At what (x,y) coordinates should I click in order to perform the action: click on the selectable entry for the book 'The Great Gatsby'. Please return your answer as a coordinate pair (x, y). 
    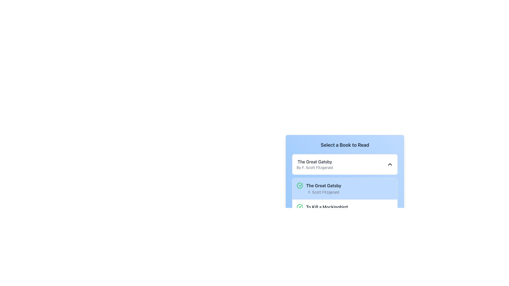
    Looking at the image, I should click on (323, 189).